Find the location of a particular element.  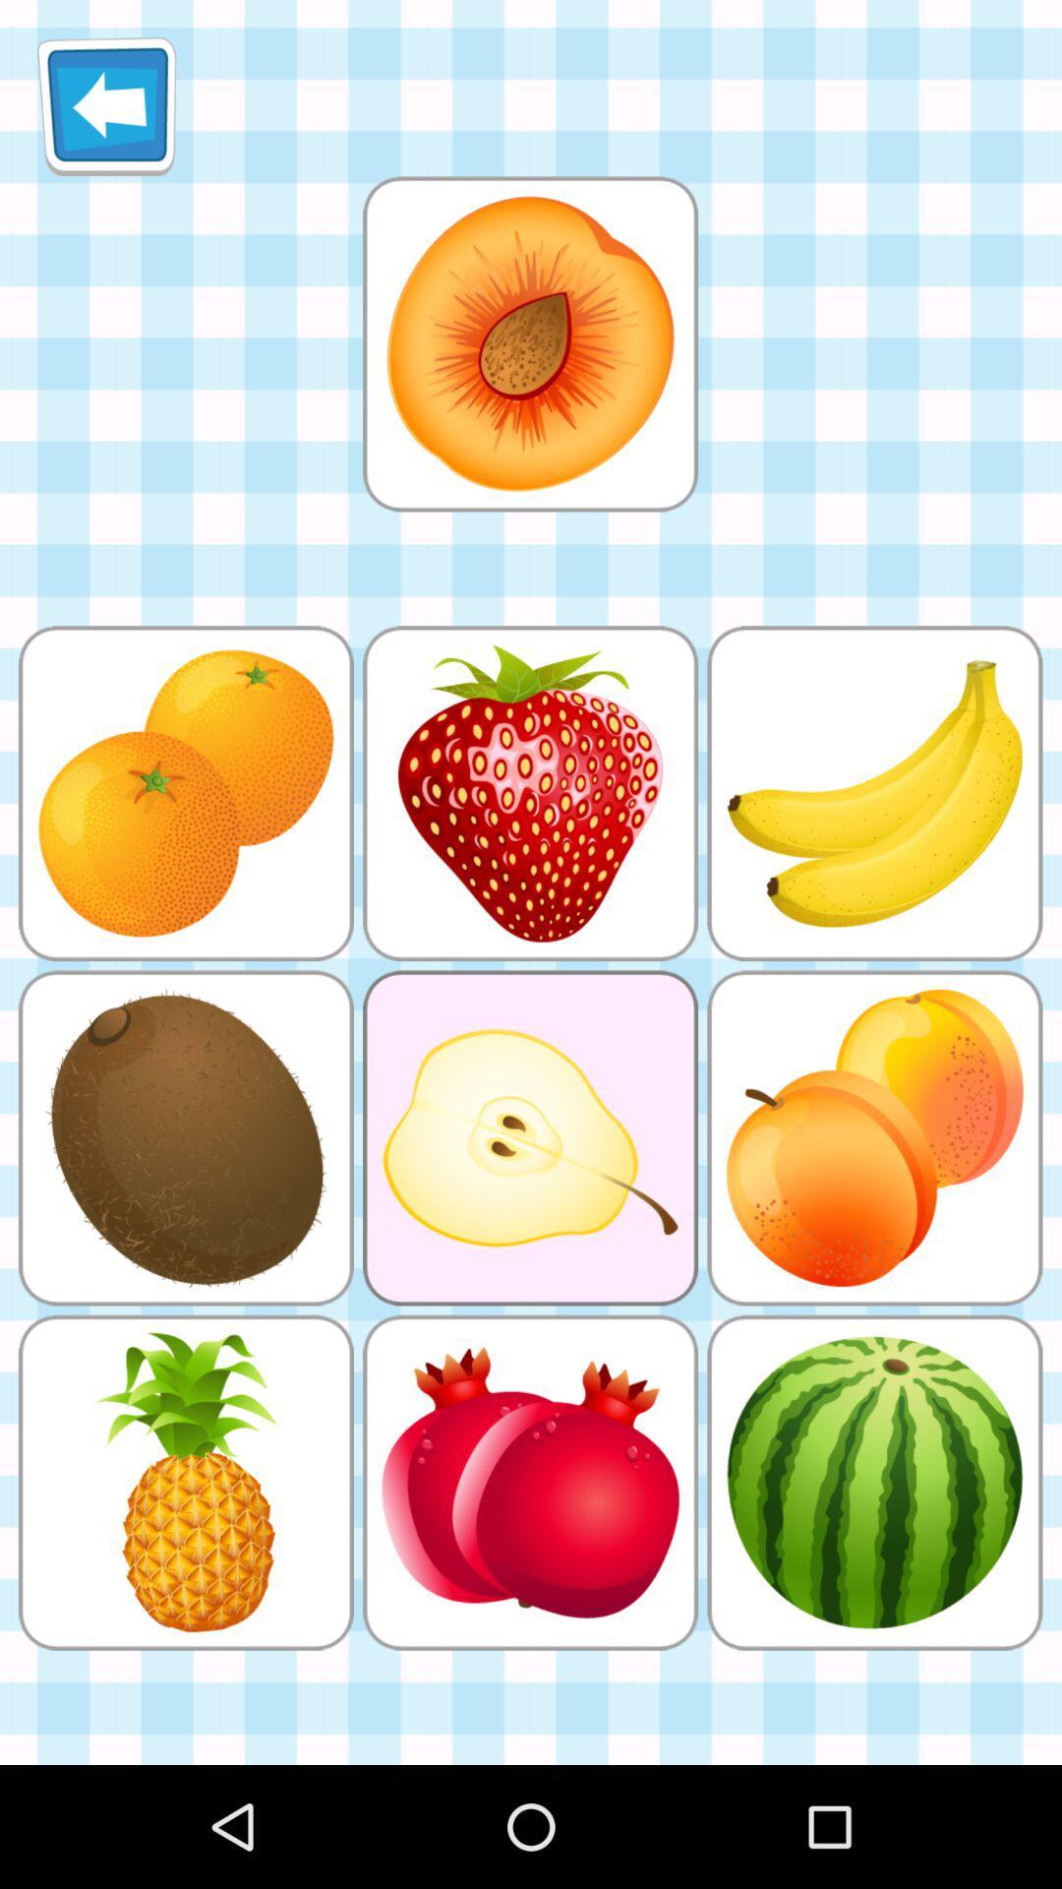

open it is located at coordinates (529, 343).